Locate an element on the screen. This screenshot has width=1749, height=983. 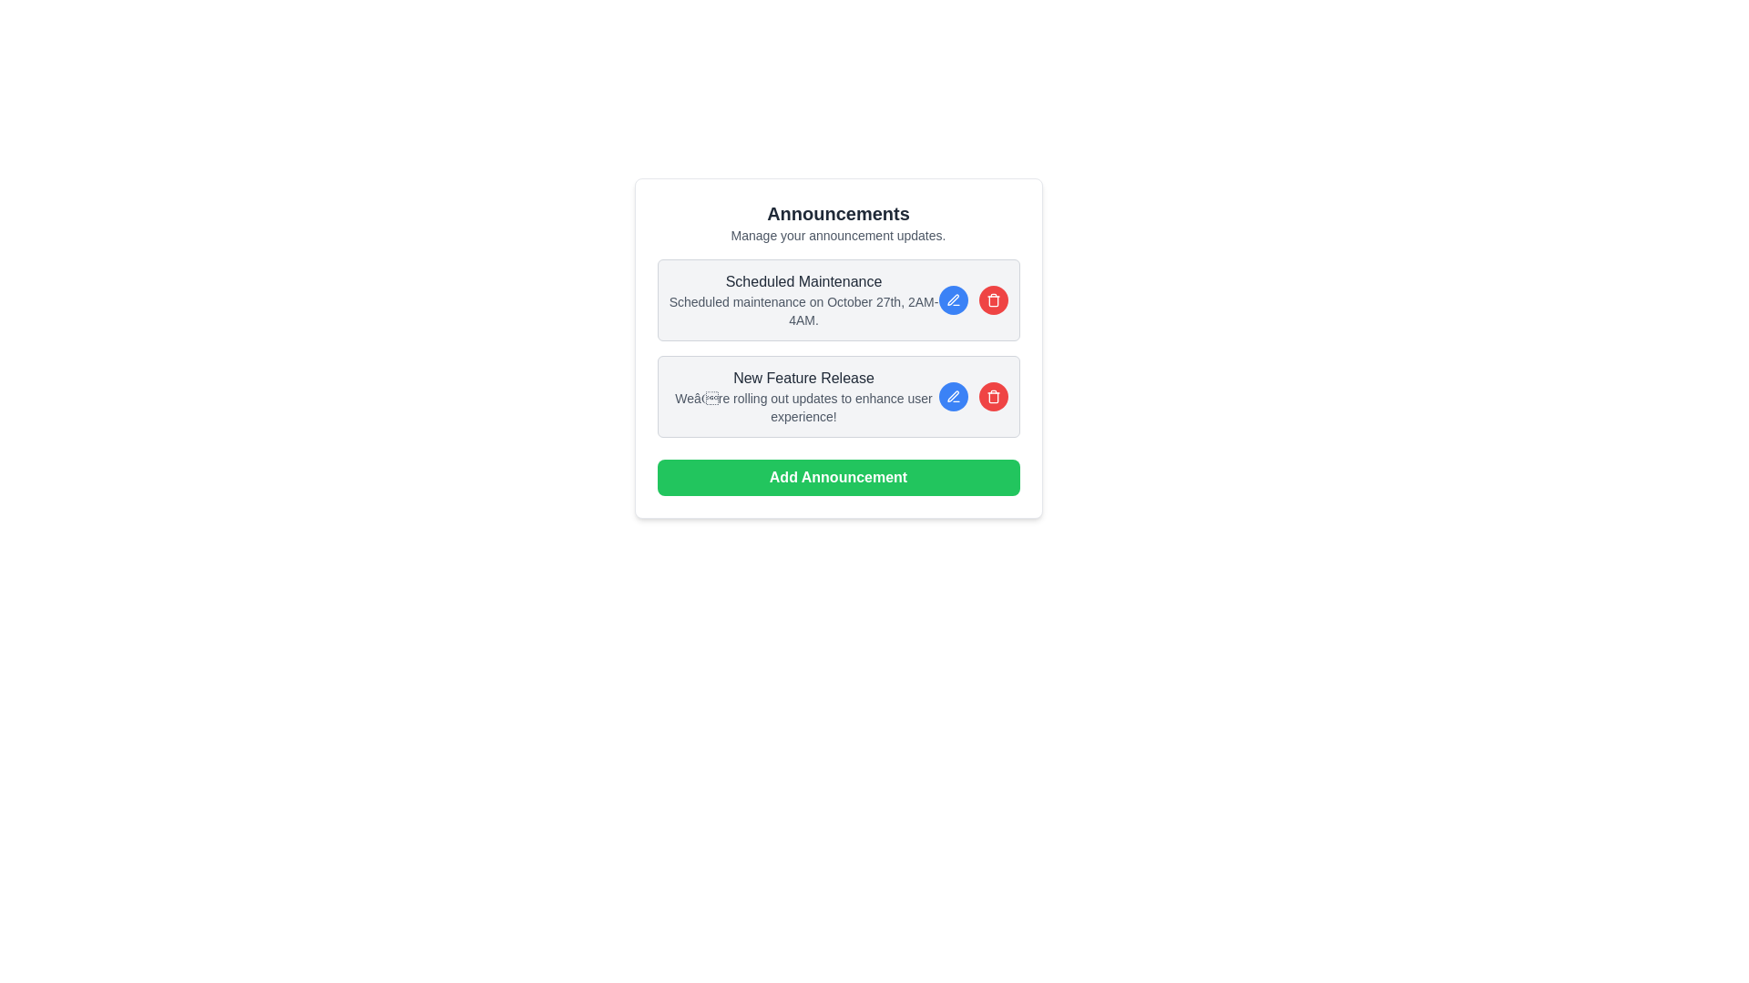
the edit action icon located inside the interactive button on the right side of the 'Scheduled Maintenance' announcement section for accessibility navigation is located at coordinates (952, 299).